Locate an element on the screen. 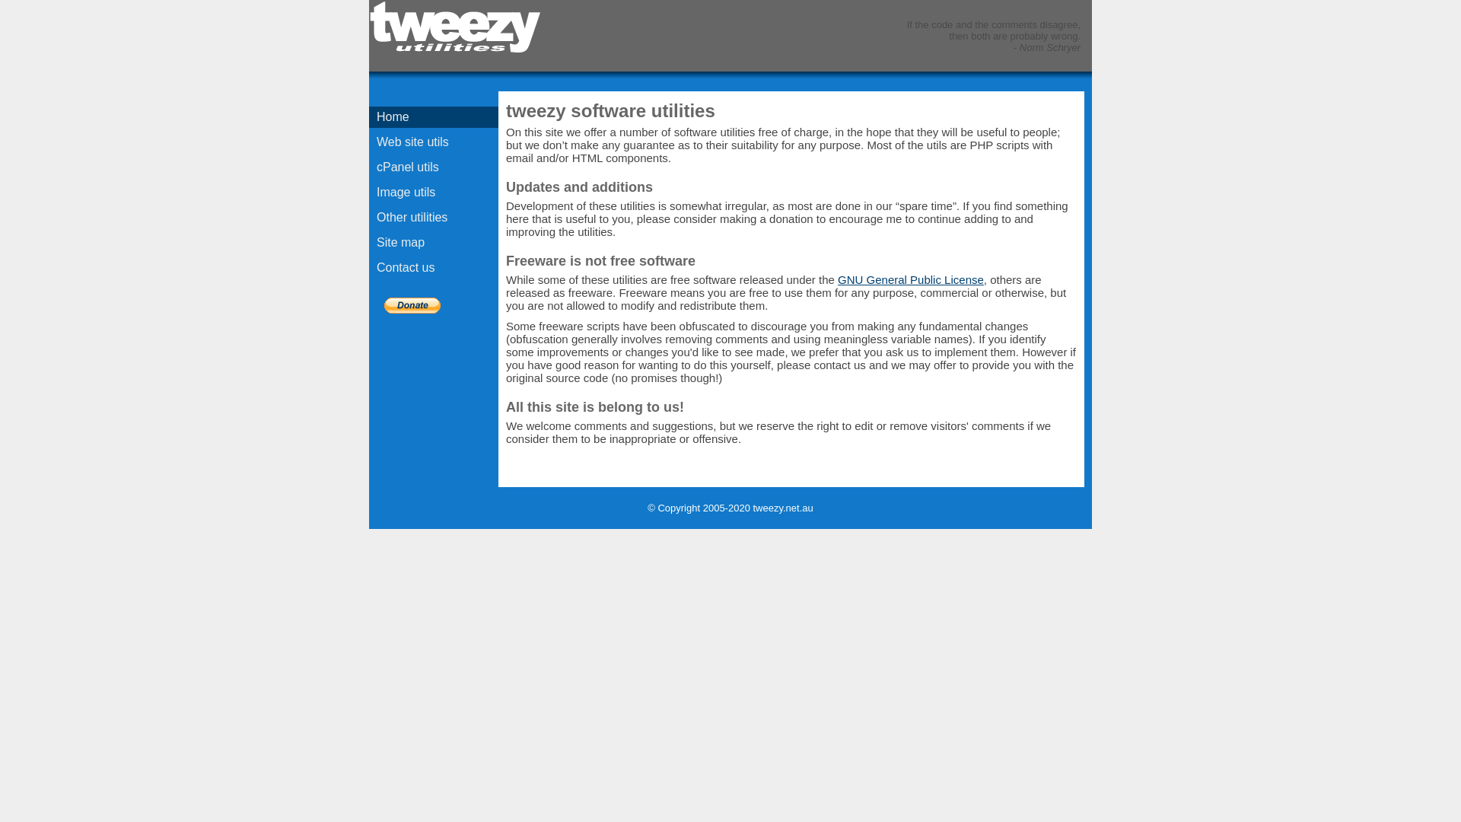  'cPanel utils' is located at coordinates (433, 167).